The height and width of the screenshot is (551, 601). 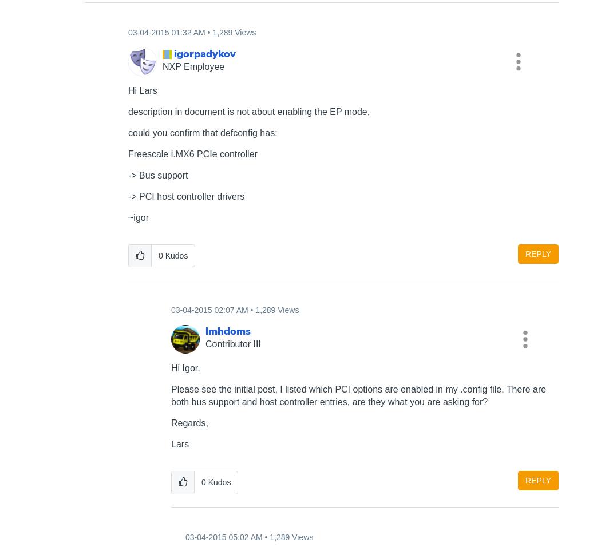 I want to click on 'Lars', so click(x=180, y=444).